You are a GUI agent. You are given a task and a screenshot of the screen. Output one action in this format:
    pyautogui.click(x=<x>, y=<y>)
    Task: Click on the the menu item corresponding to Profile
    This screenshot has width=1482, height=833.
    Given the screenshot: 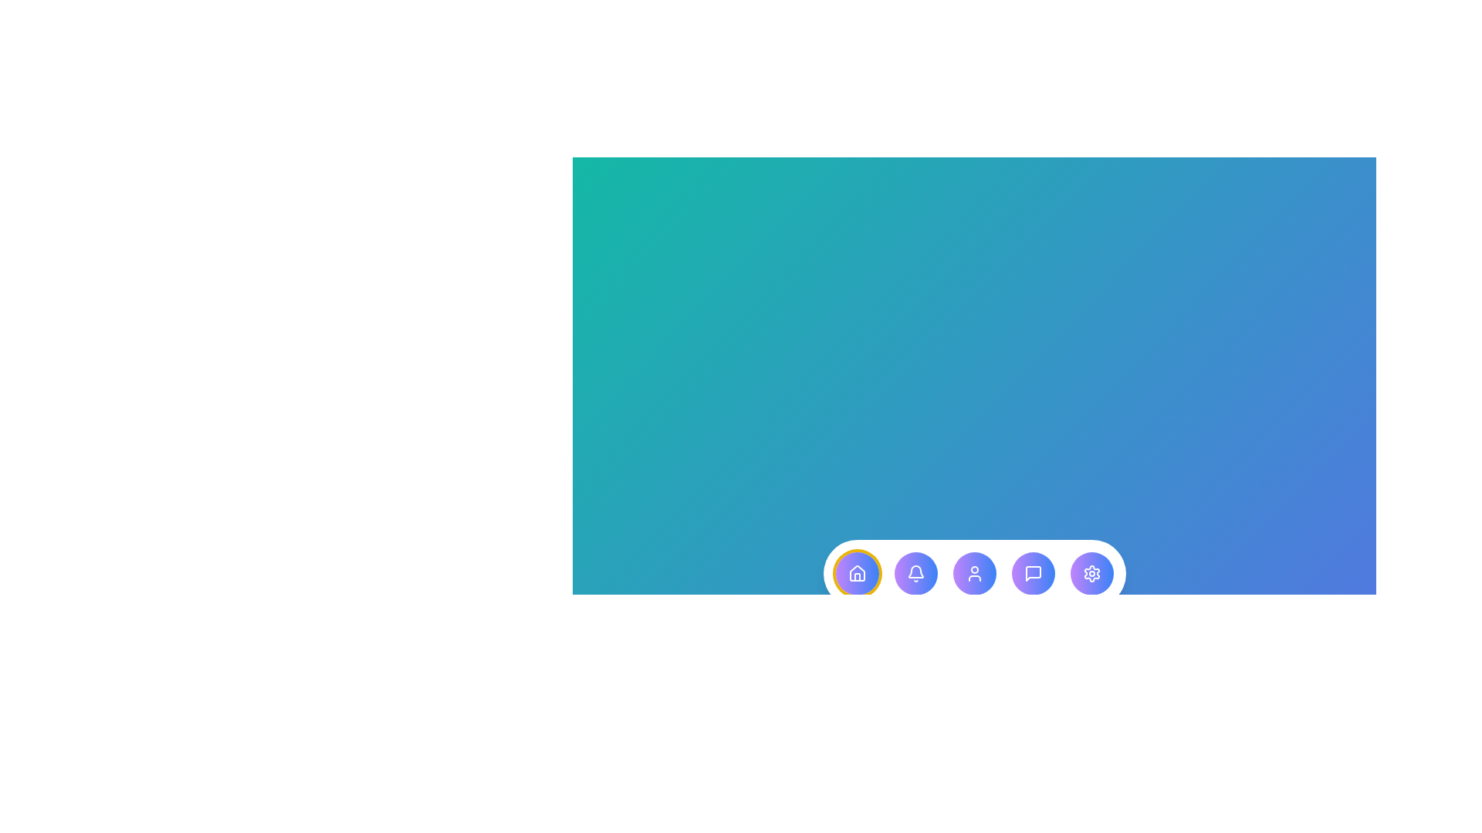 What is the action you would take?
    pyautogui.click(x=973, y=574)
    